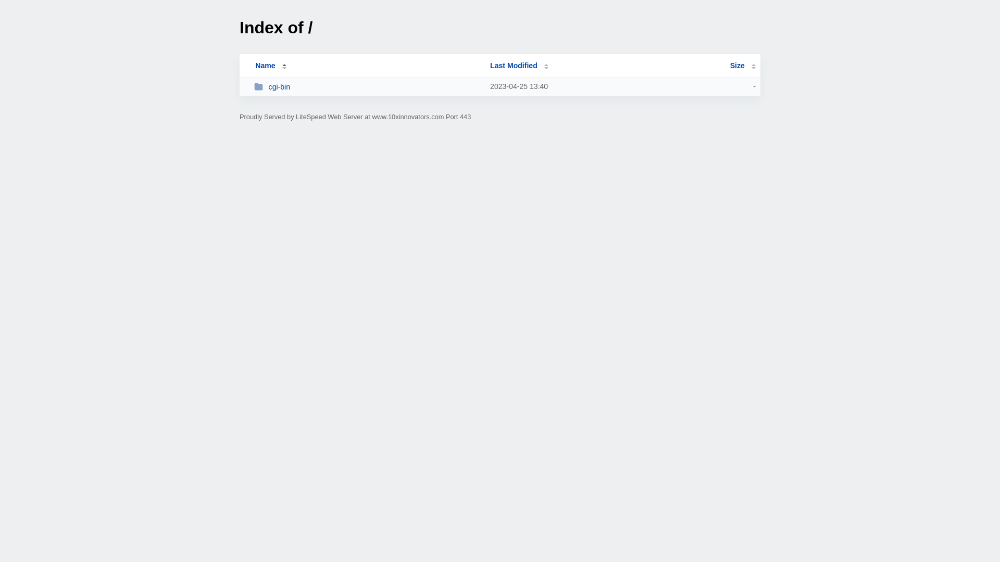 The height and width of the screenshot is (562, 1000). What do you see at coordinates (265, 66) in the screenshot?
I see `'Name'` at bounding box center [265, 66].